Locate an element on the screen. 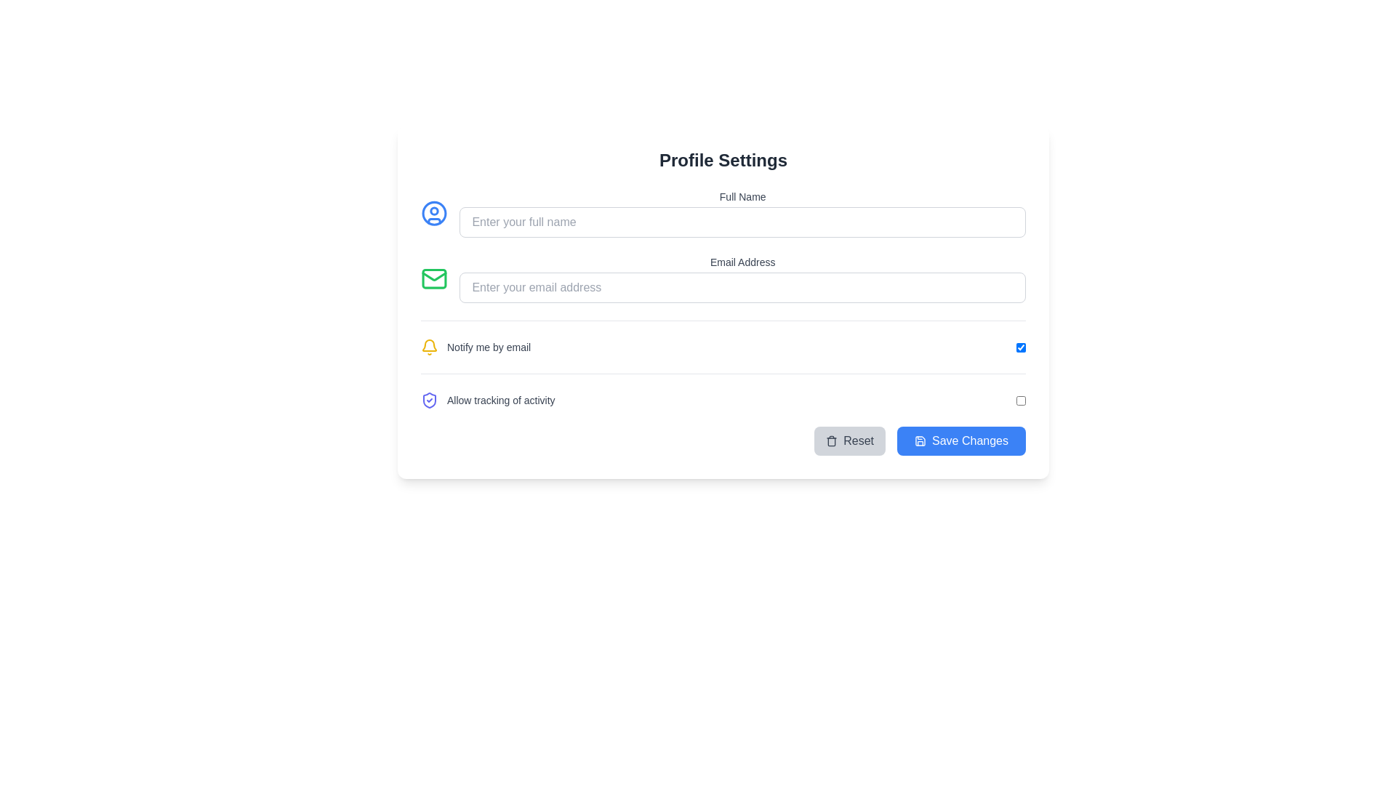 The width and height of the screenshot is (1396, 785). the 'Allow tracking of activity' label with an accompanying icon, located below the 'Notify me by email' option and to the left of its associated checkbox is located at coordinates (488, 400).